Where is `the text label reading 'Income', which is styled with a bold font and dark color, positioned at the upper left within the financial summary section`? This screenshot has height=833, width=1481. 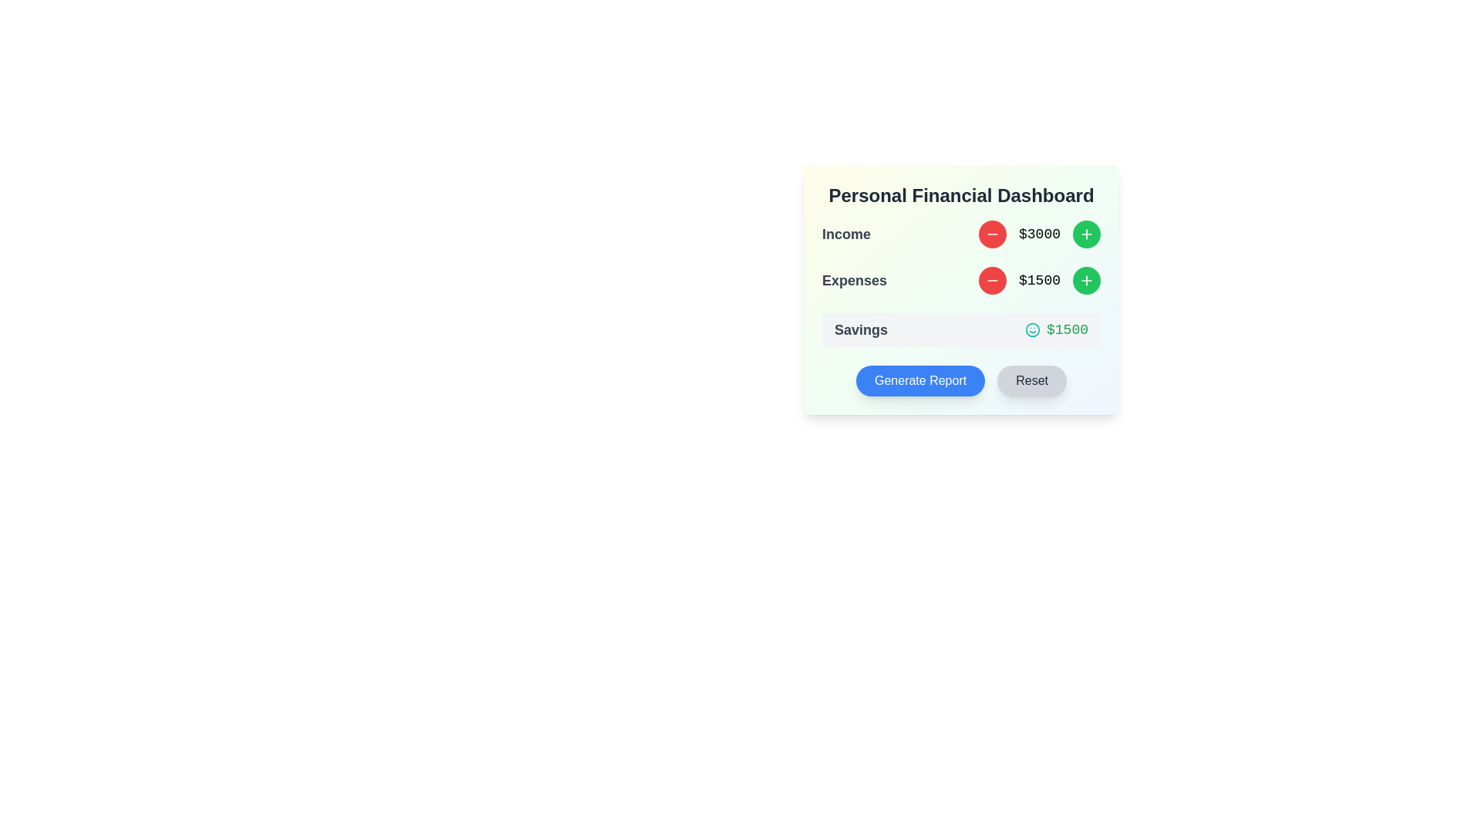 the text label reading 'Income', which is styled with a bold font and dark color, positioned at the upper left within the financial summary section is located at coordinates (845, 234).